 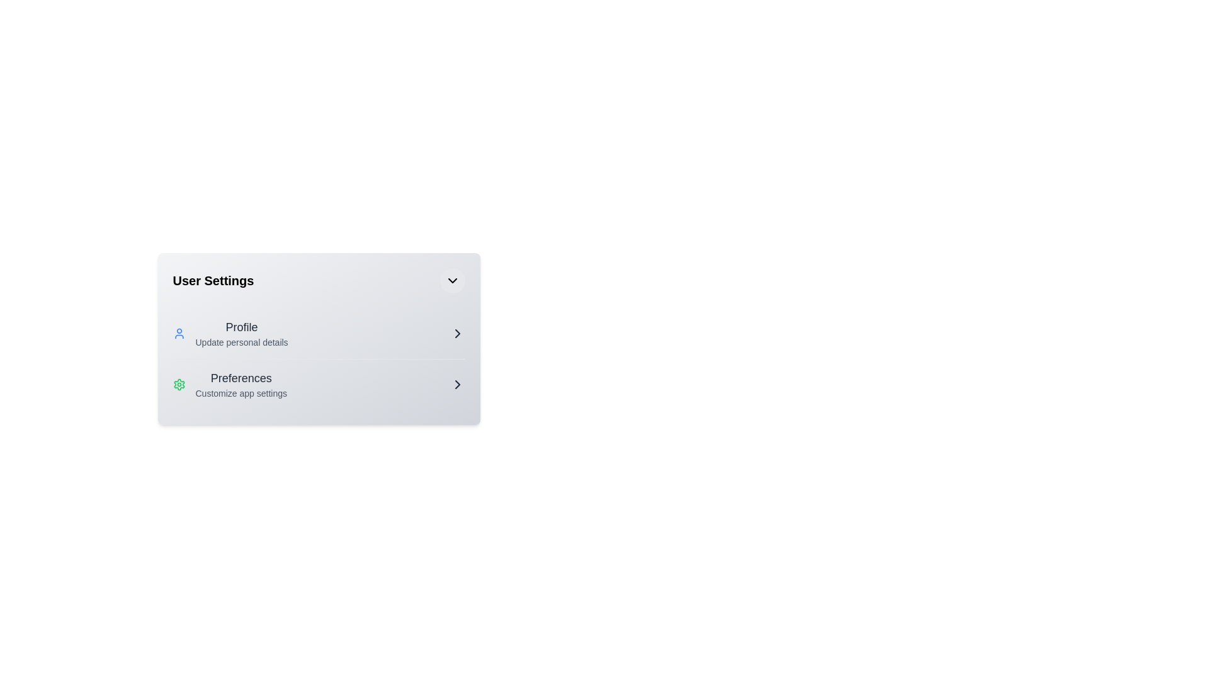 I want to click on the first navigation menu item in the User Settings section, so click(x=319, y=332).